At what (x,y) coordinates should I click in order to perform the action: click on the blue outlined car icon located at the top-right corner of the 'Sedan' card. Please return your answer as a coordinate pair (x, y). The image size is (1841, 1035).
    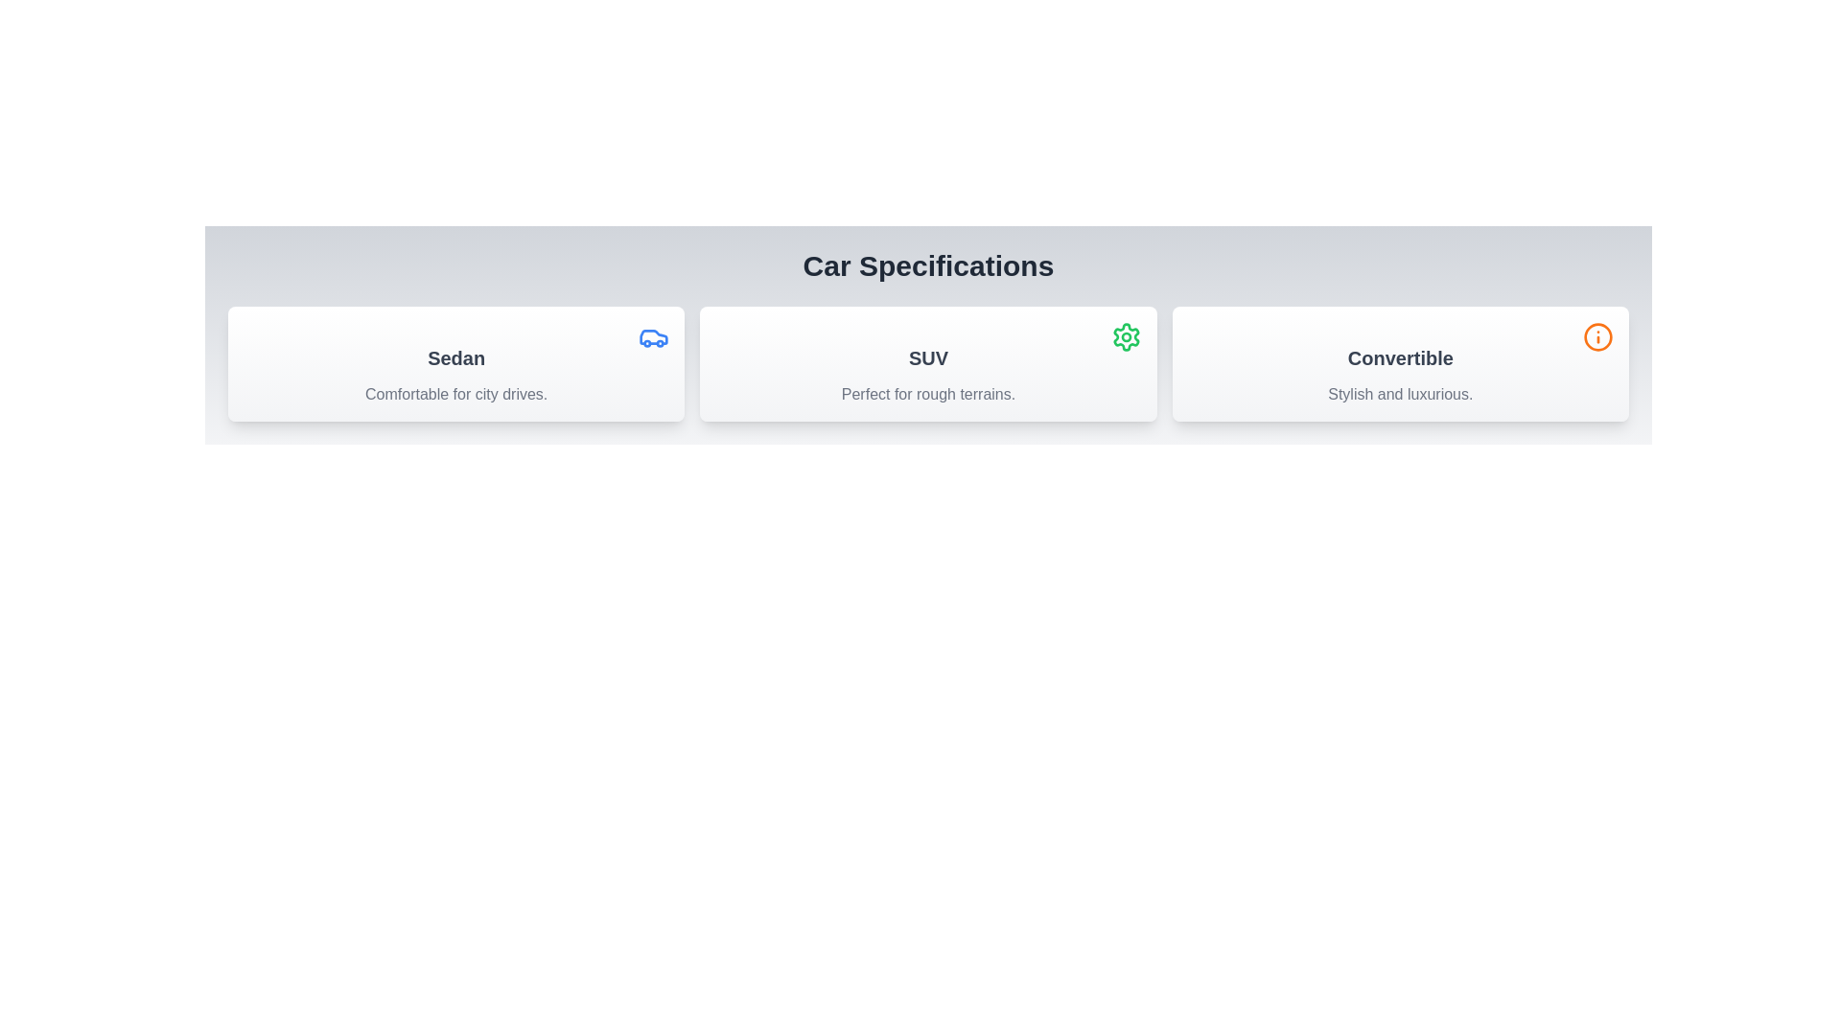
    Looking at the image, I should click on (654, 335).